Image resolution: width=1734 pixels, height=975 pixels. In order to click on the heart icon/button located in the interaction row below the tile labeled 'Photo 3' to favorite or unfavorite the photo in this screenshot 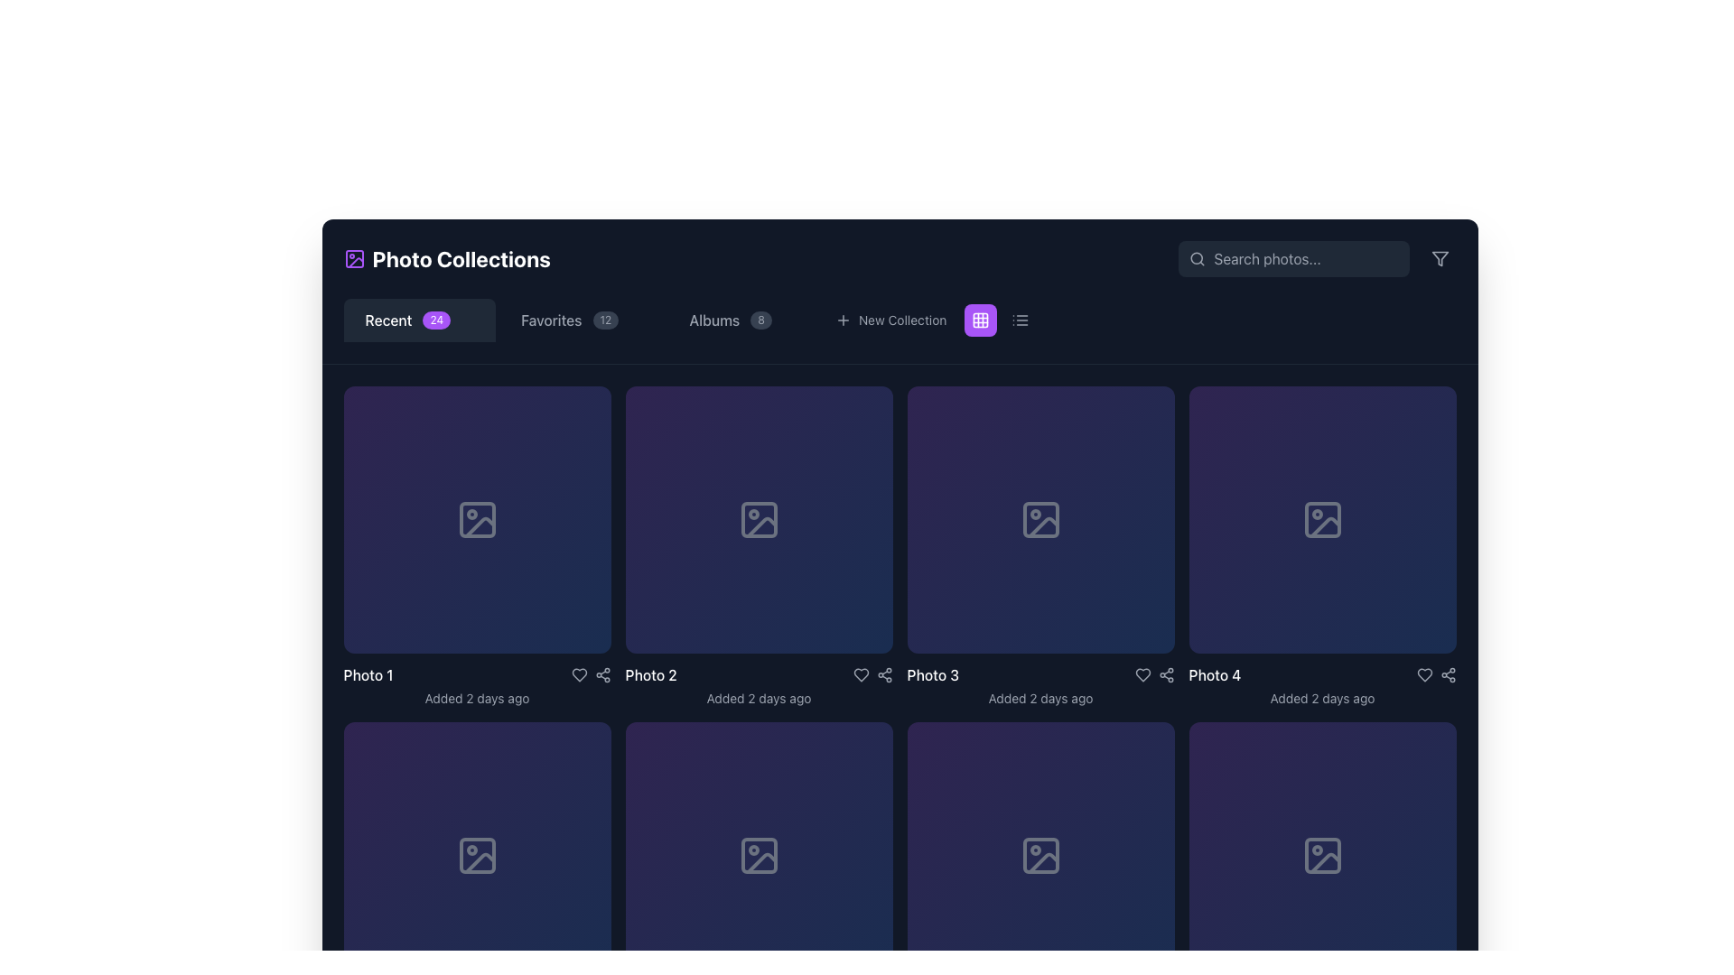, I will do `click(860, 675)`.